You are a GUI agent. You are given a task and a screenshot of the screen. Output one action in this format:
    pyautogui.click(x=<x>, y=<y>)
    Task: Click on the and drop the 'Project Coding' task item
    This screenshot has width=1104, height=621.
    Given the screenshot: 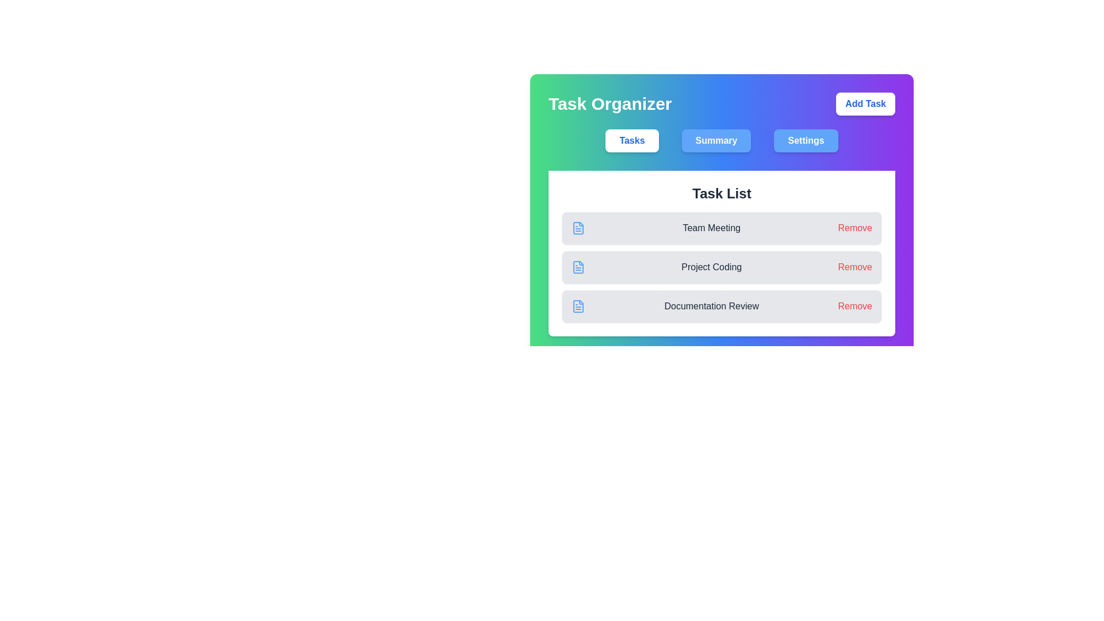 What is the action you would take?
    pyautogui.click(x=721, y=252)
    